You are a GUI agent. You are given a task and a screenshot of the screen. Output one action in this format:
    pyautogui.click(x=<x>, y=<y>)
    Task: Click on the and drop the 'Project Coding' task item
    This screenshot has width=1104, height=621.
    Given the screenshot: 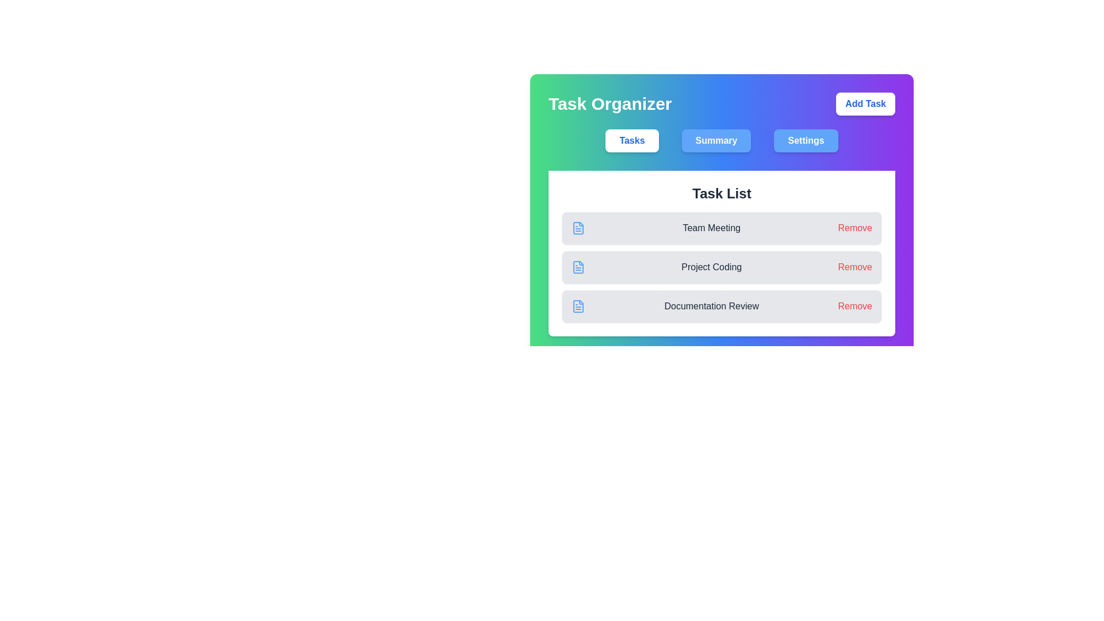 What is the action you would take?
    pyautogui.click(x=721, y=252)
    